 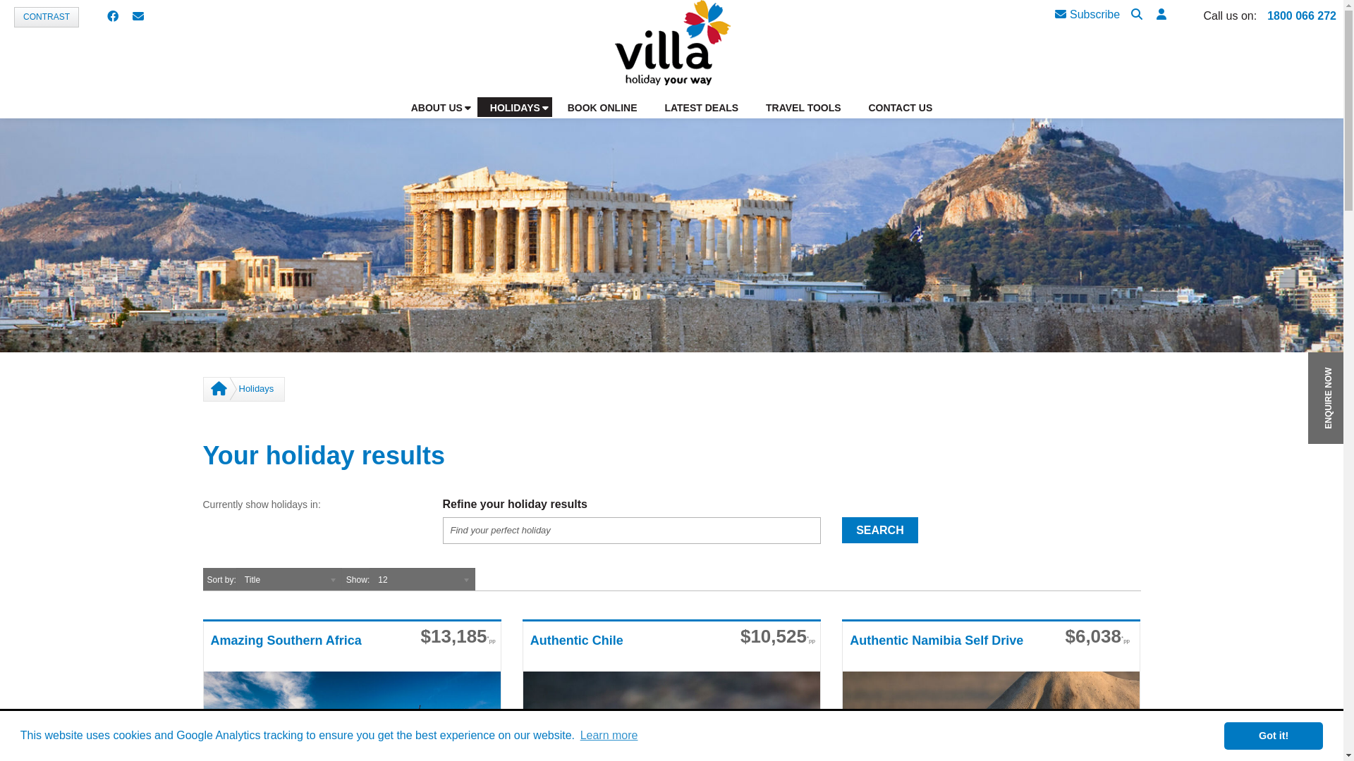 What do you see at coordinates (422, 579) in the screenshot?
I see `'12'` at bounding box center [422, 579].